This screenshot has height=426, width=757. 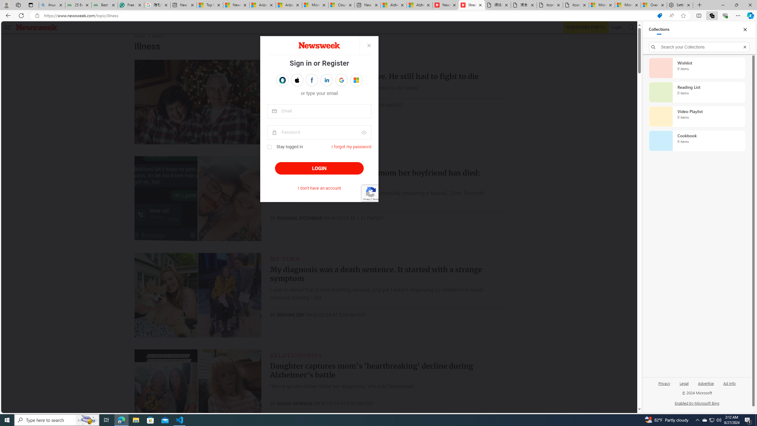 What do you see at coordinates (683, 385) in the screenshot?
I see `'Legal'` at bounding box center [683, 385].